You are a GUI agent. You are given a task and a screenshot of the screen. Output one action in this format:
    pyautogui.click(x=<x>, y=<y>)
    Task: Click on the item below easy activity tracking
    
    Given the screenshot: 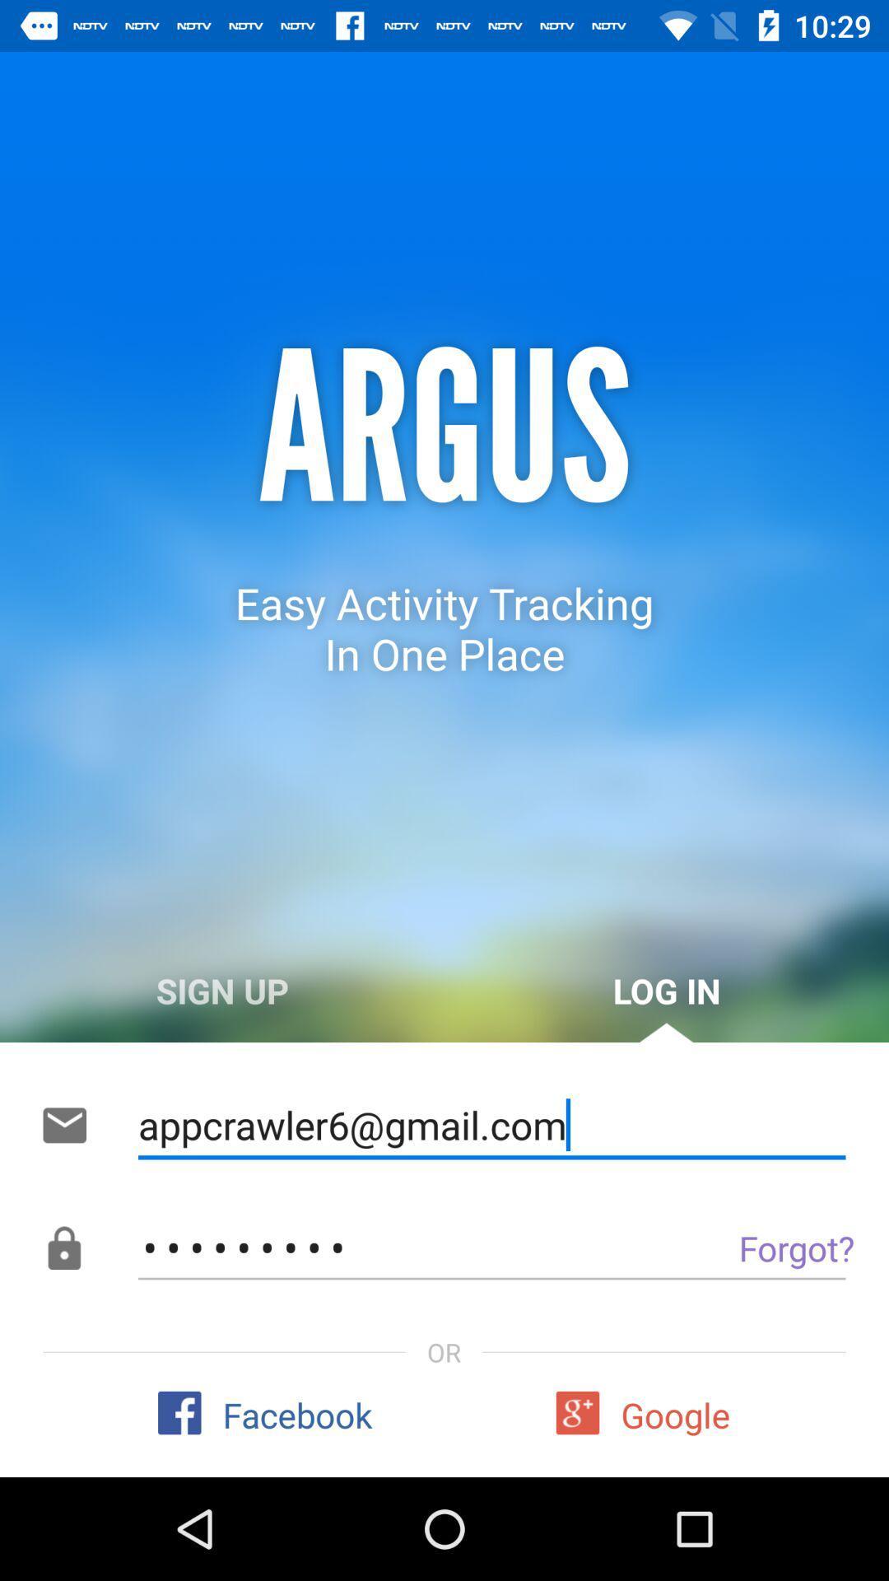 What is the action you would take?
    pyautogui.click(x=667, y=990)
    